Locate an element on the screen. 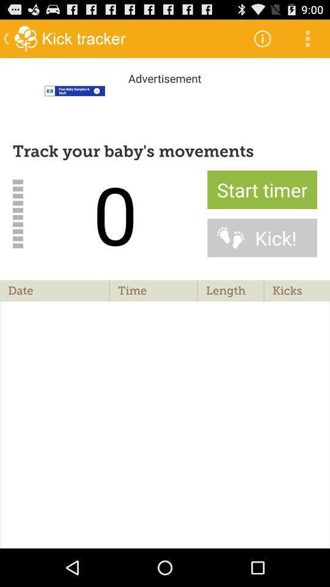 The width and height of the screenshot is (330, 587). the three doted option which is right side to the information icon is located at coordinates (307, 39).